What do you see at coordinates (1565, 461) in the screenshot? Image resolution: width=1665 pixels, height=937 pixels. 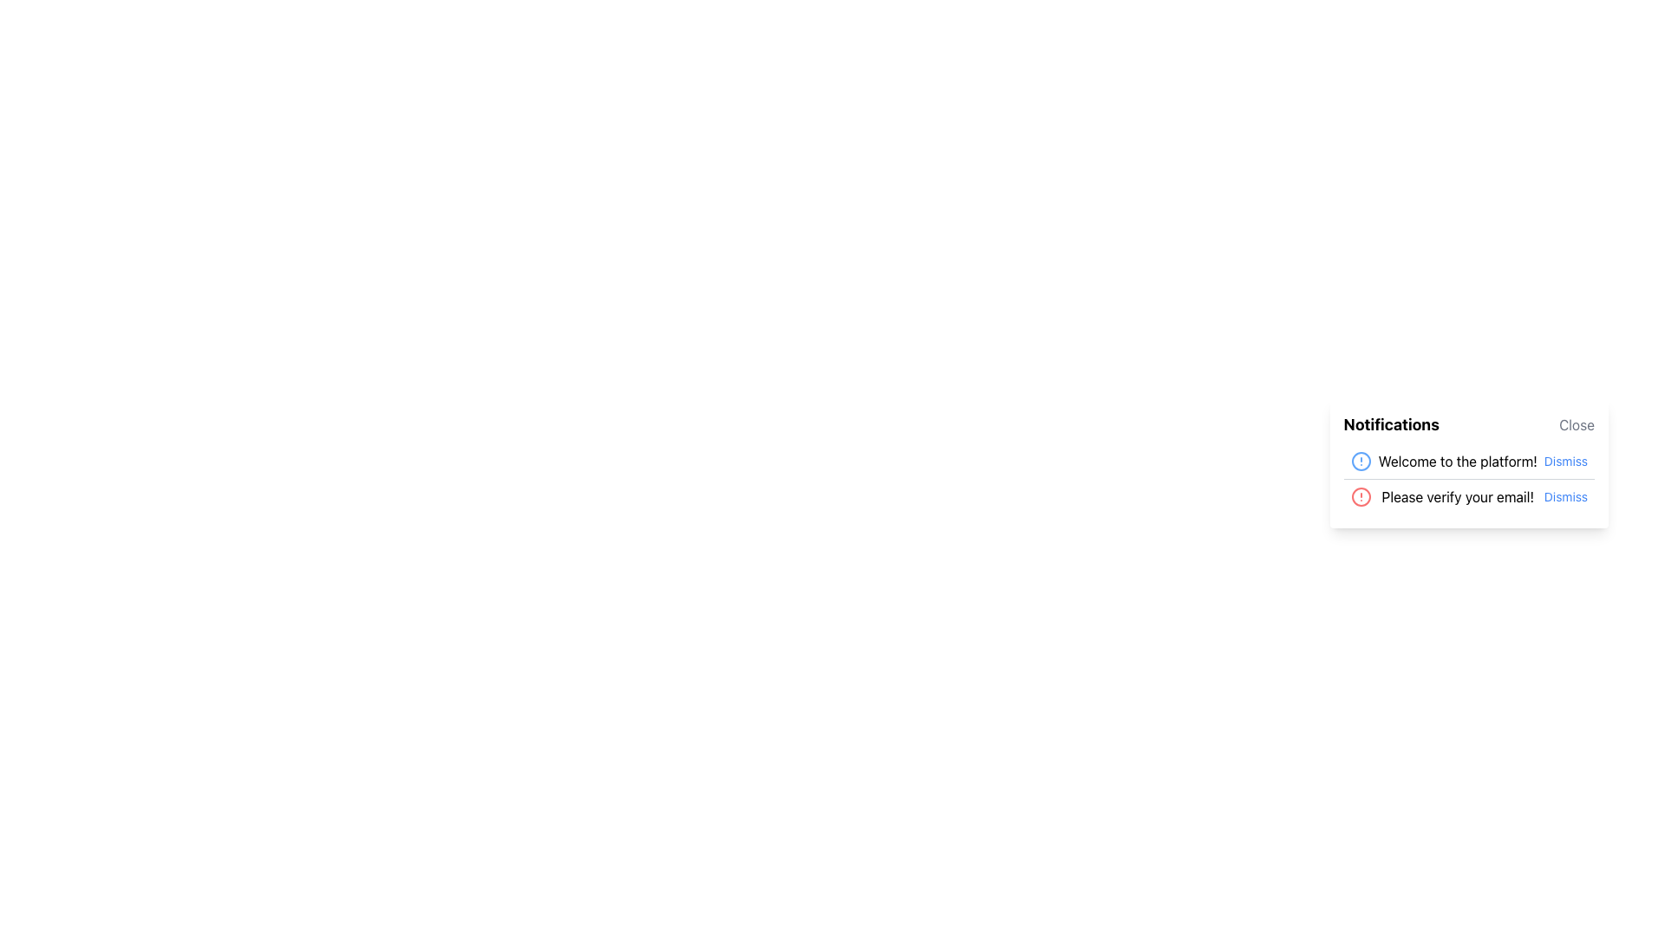 I see `the dismiss button located at the end of the first notification row that says 'Welcome to the platform!'` at bounding box center [1565, 461].